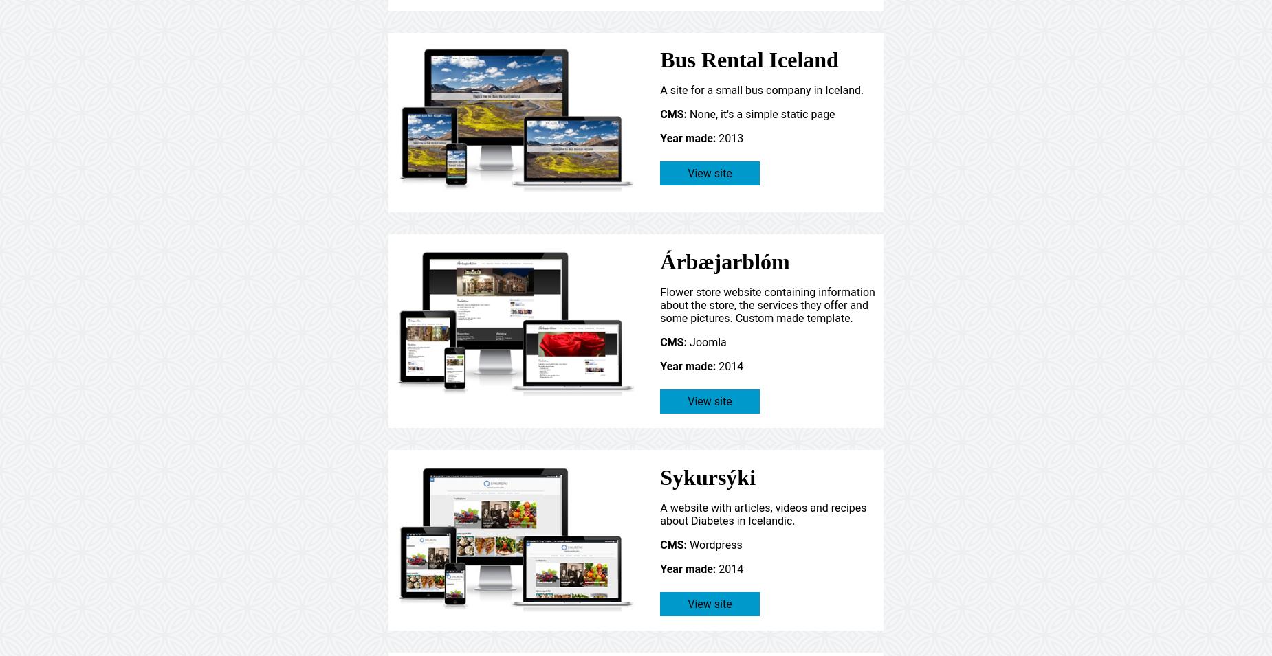 The image size is (1272, 656). What do you see at coordinates (705, 341) in the screenshot?
I see `'Joomla'` at bounding box center [705, 341].